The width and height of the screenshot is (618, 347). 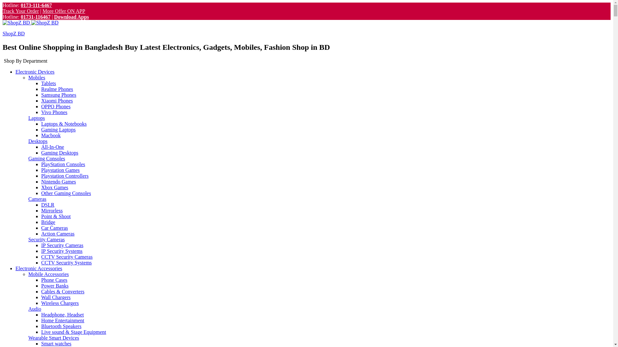 I want to click on 'Gaming Desktops', so click(x=60, y=153).